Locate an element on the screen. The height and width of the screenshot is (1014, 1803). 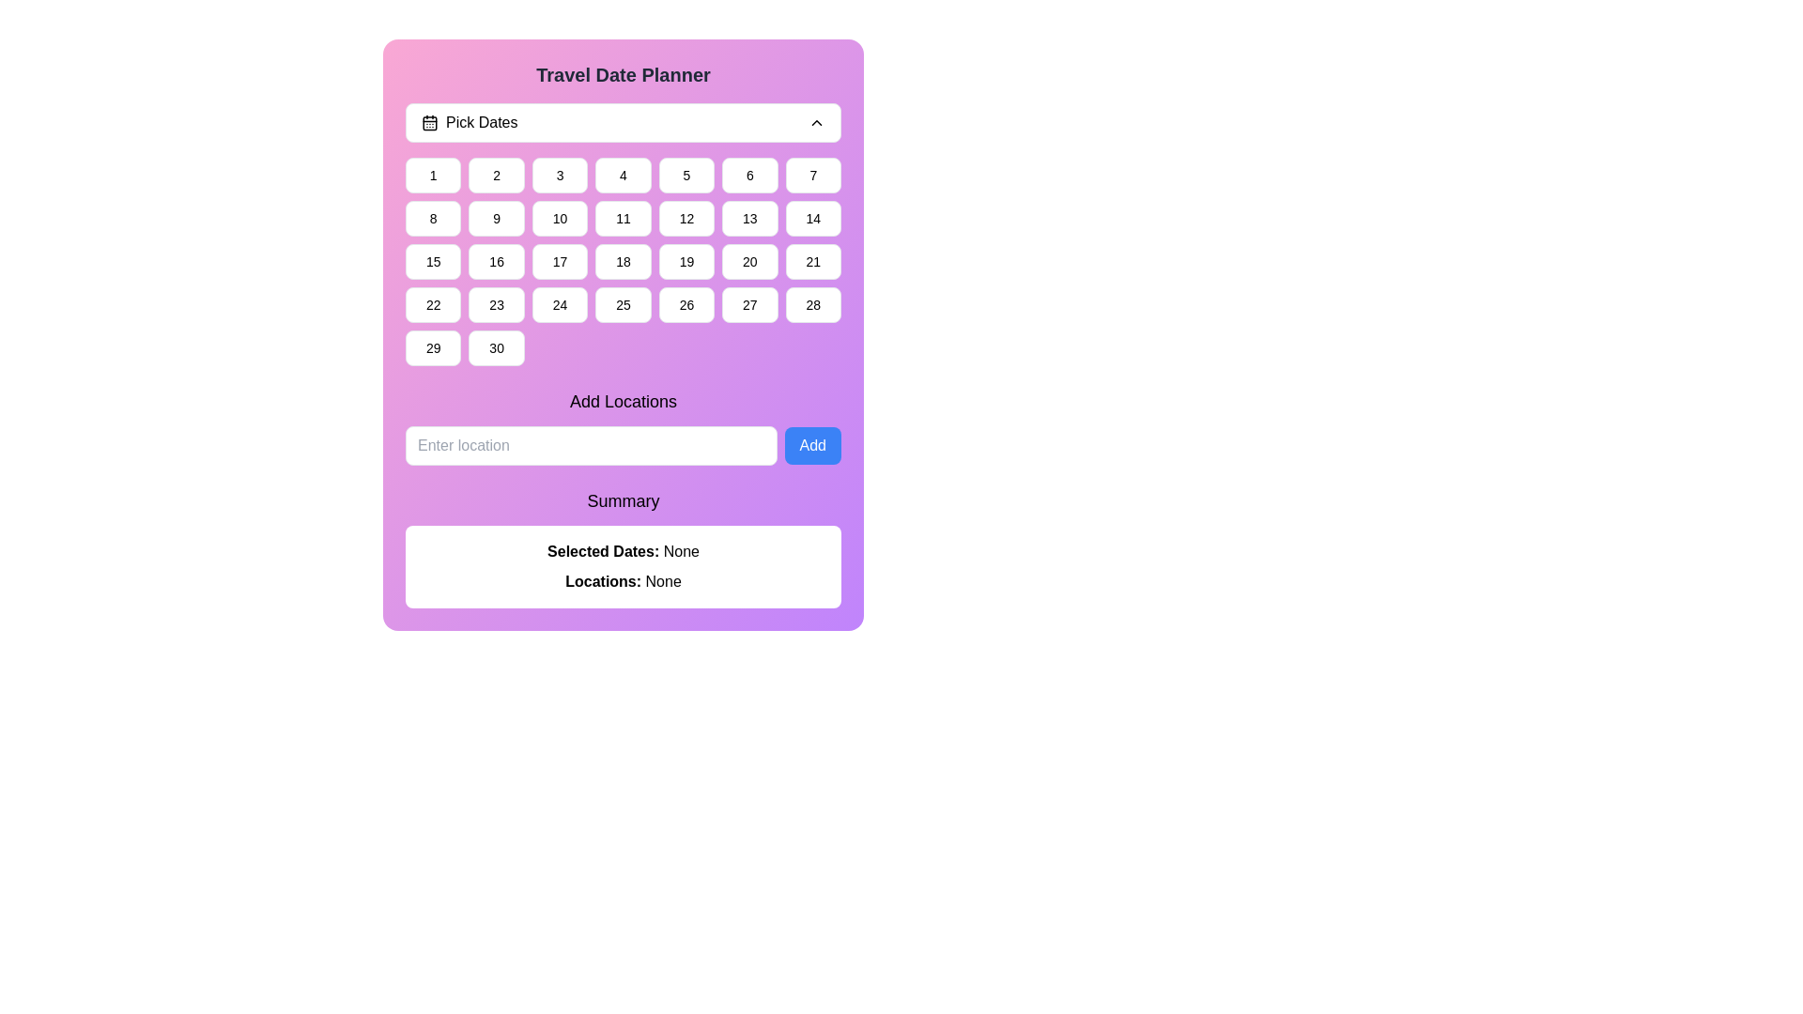
the Static Text Label that serves as a descriptor for the selected dates data, currently displaying 'None', located in the summary section between 'Summary' and 'Locations: None' is located at coordinates (605, 550).